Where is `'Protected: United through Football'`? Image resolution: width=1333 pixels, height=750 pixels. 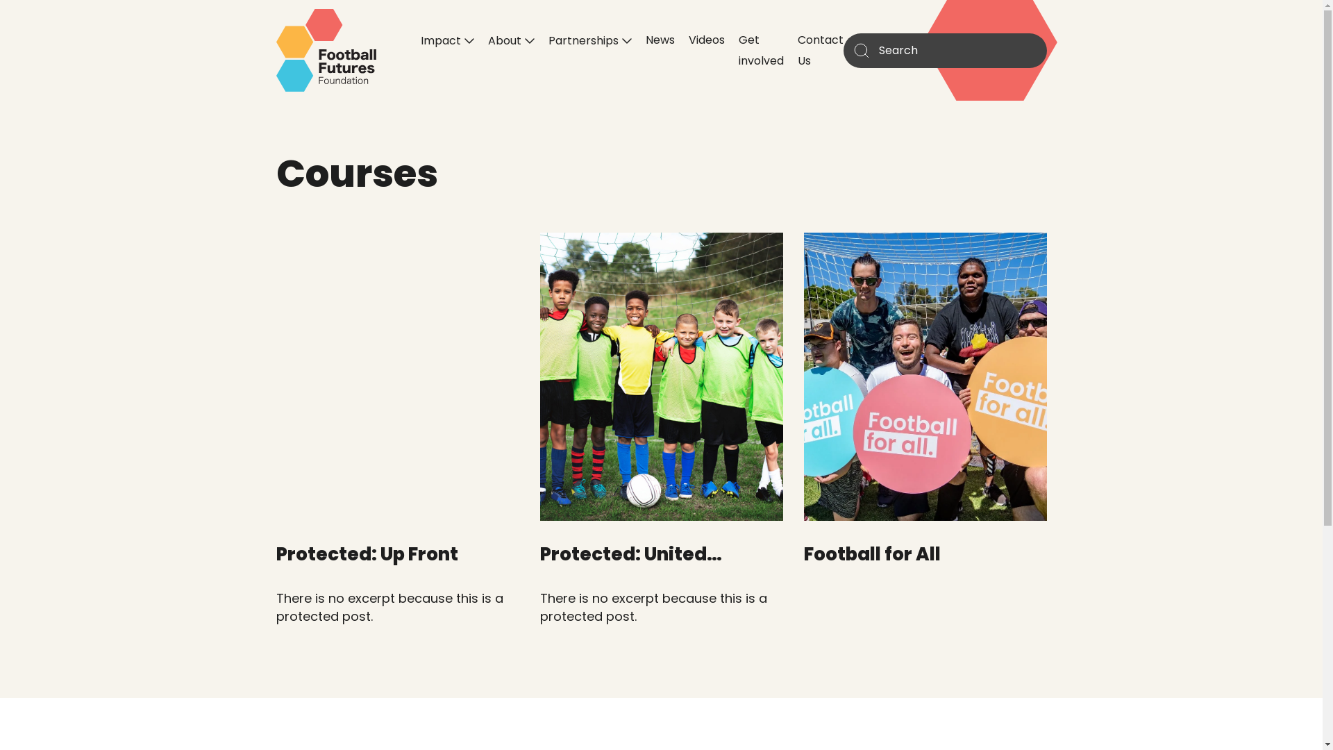
'Protected: United through Football' is located at coordinates (630, 567).